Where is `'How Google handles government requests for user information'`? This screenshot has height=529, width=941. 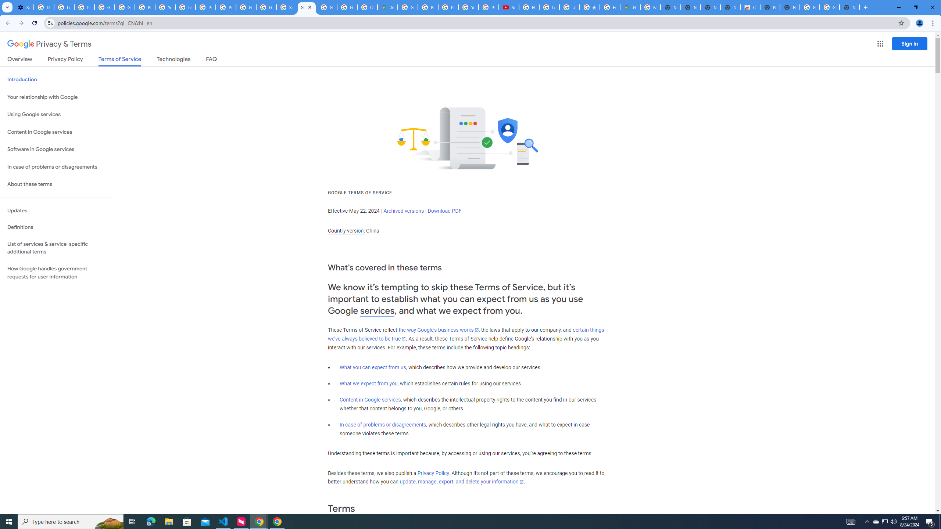
'How Google handles government requests for user information' is located at coordinates (56, 273).